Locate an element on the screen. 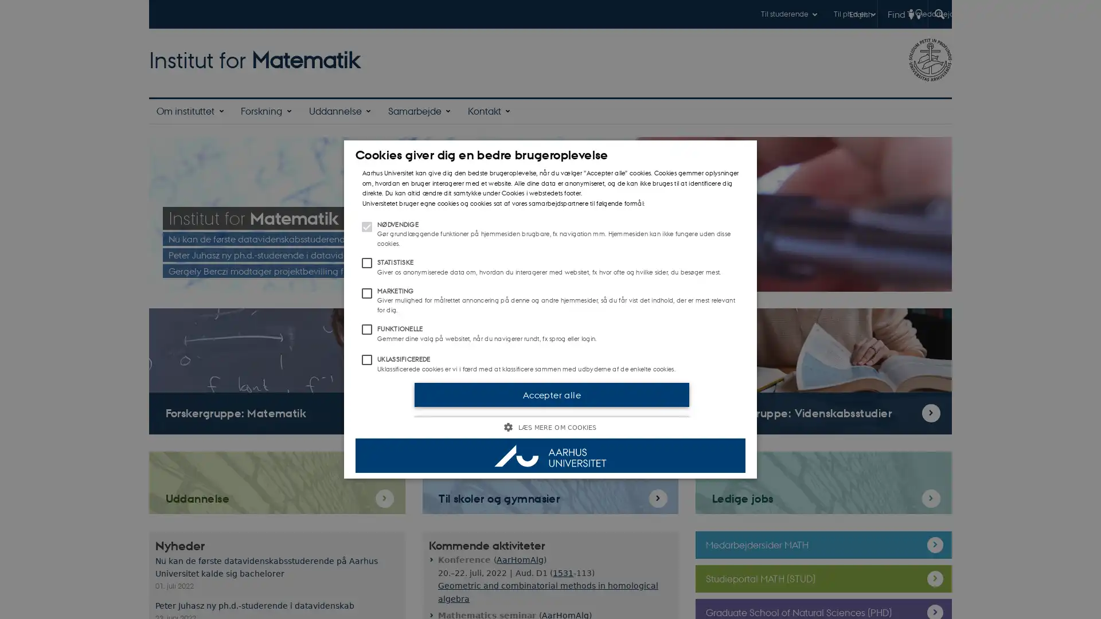 The height and width of the screenshot is (619, 1101). Accepter valgte is located at coordinates (456, 393).